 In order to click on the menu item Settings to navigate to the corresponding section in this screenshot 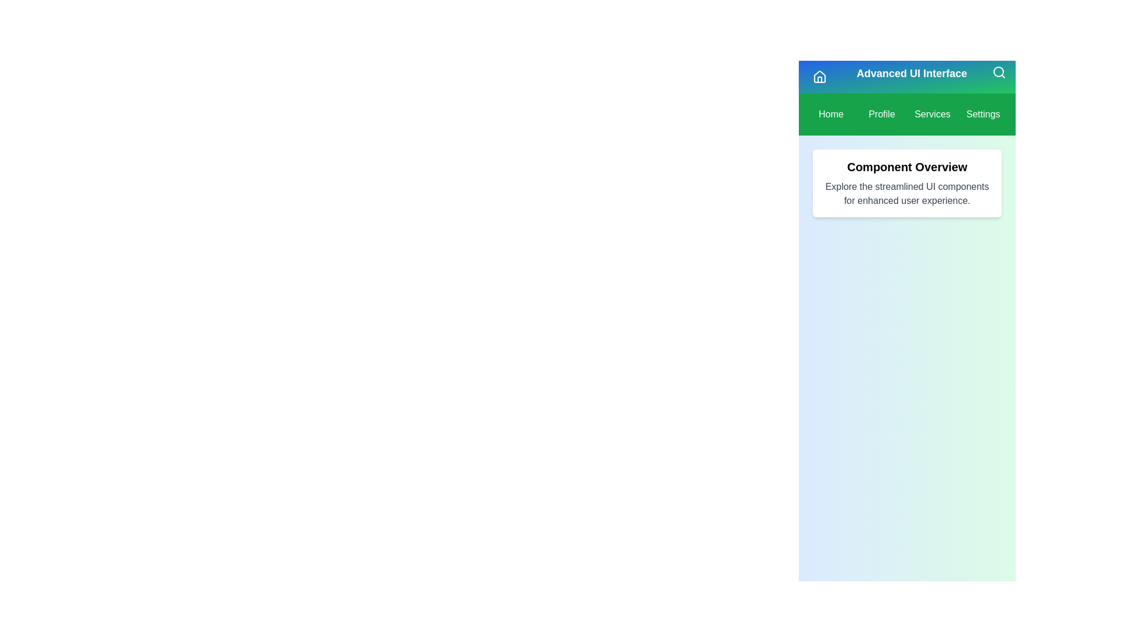, I will do `click(982, 115)`.